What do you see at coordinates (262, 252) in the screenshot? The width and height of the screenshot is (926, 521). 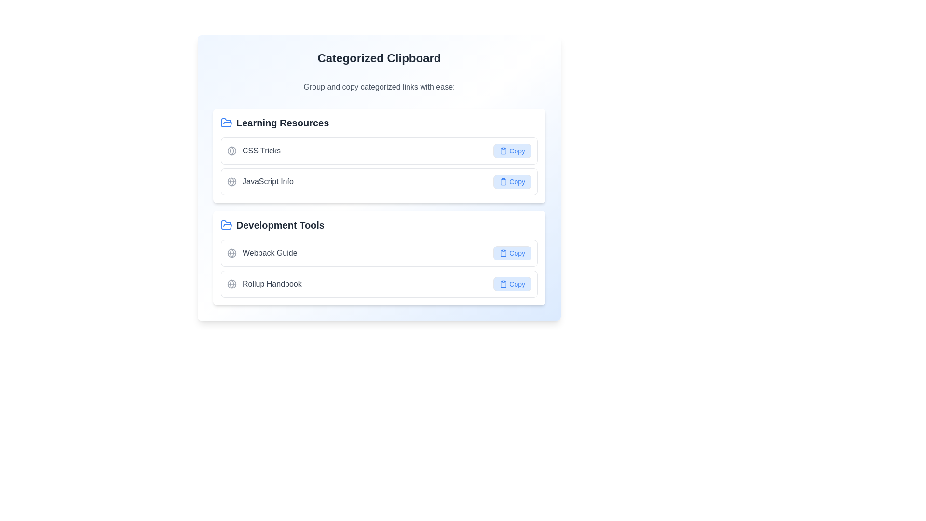 I see `the 'Webpack Guide' text label` at bounding box center [262, 252].